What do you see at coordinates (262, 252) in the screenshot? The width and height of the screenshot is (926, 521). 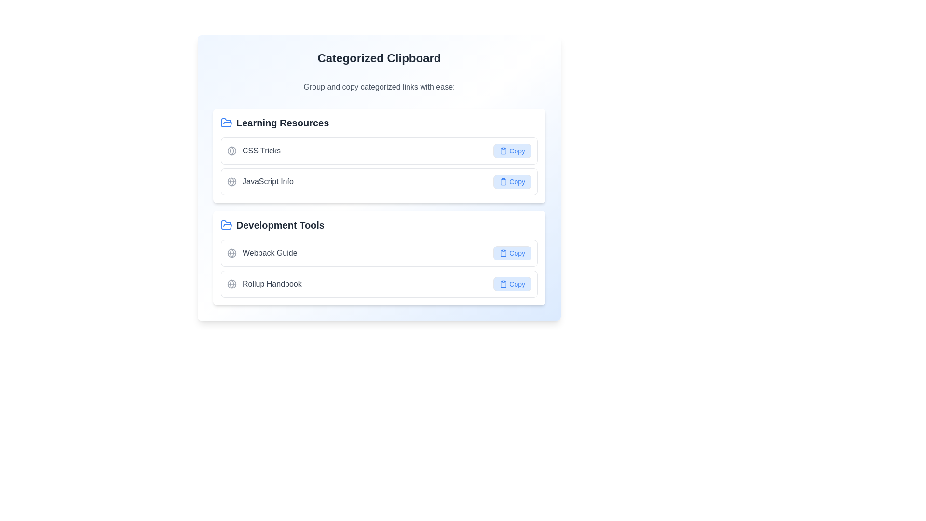 I see `the 'Webpack Guide' text label` at bounding box center [262, 252].